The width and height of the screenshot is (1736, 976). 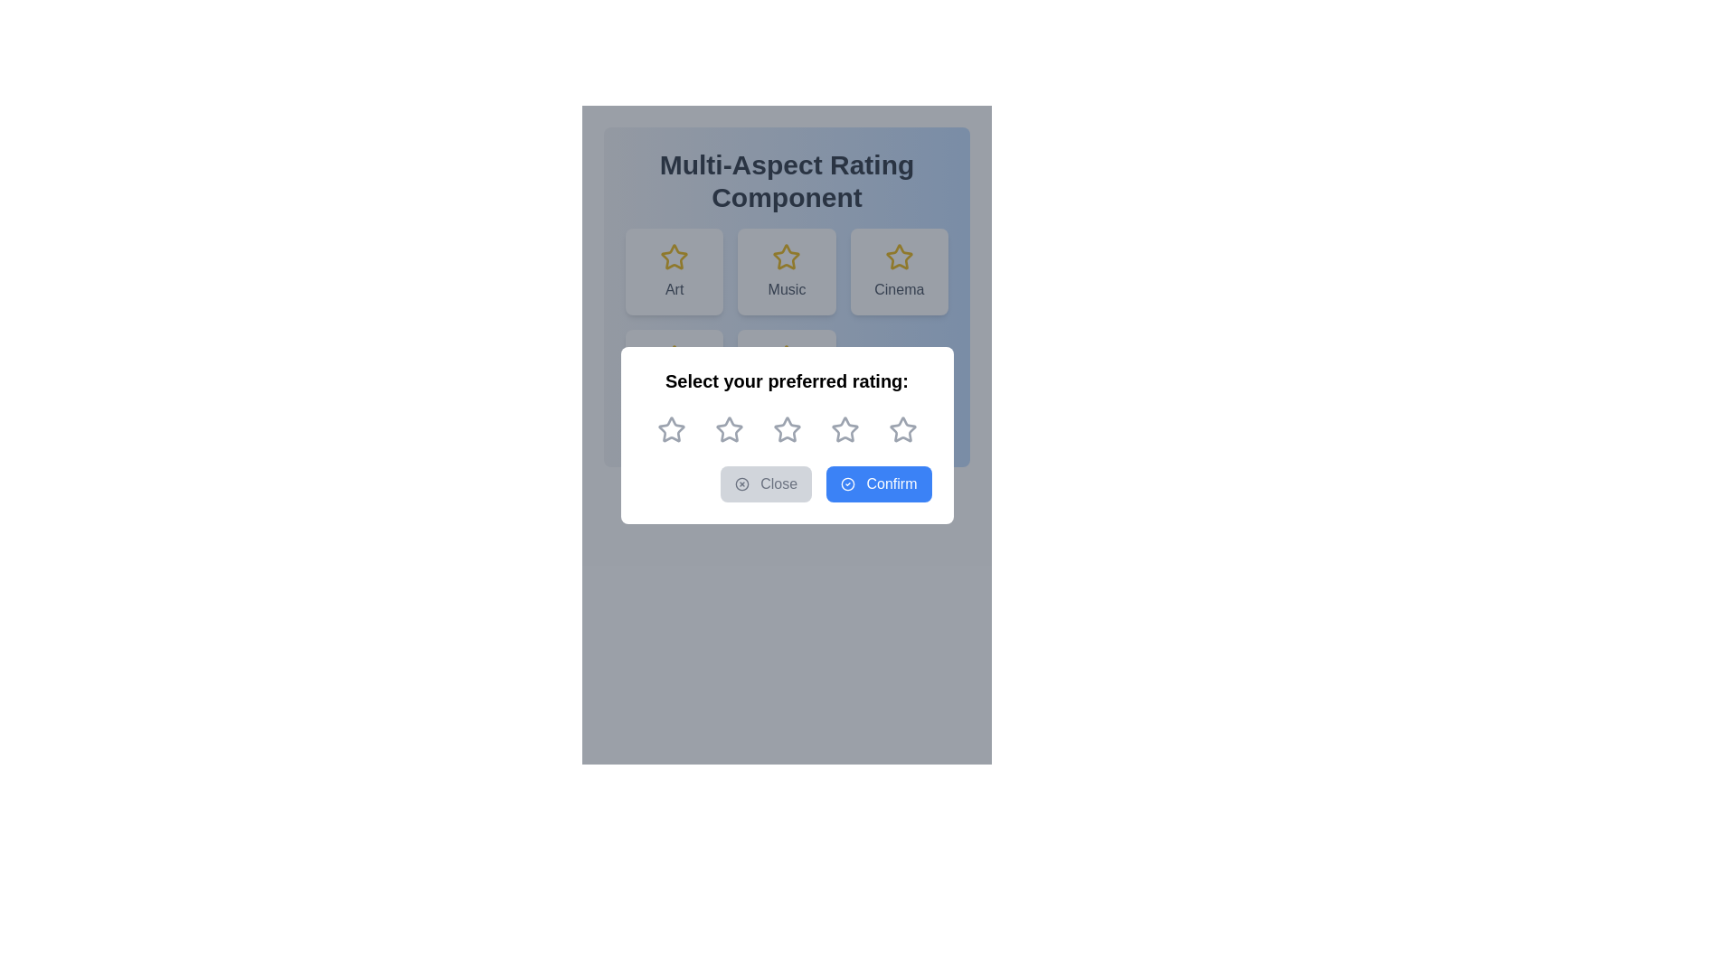 What do you see at coordinates (787, 429) in the screenshot?
I see `the middle interactive star icon (third out of five) in the horizontal row of star rating indicators located under the title 'Select your preferred rating.'` at bounding box center [787, 429].